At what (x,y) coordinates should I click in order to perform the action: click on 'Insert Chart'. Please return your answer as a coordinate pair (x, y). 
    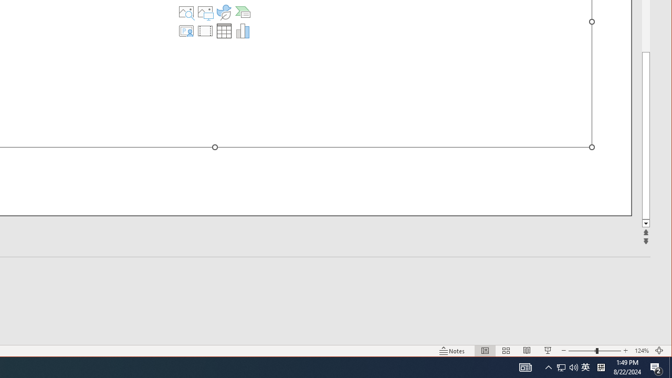
    Looking at the image, I should click on (242, 30).